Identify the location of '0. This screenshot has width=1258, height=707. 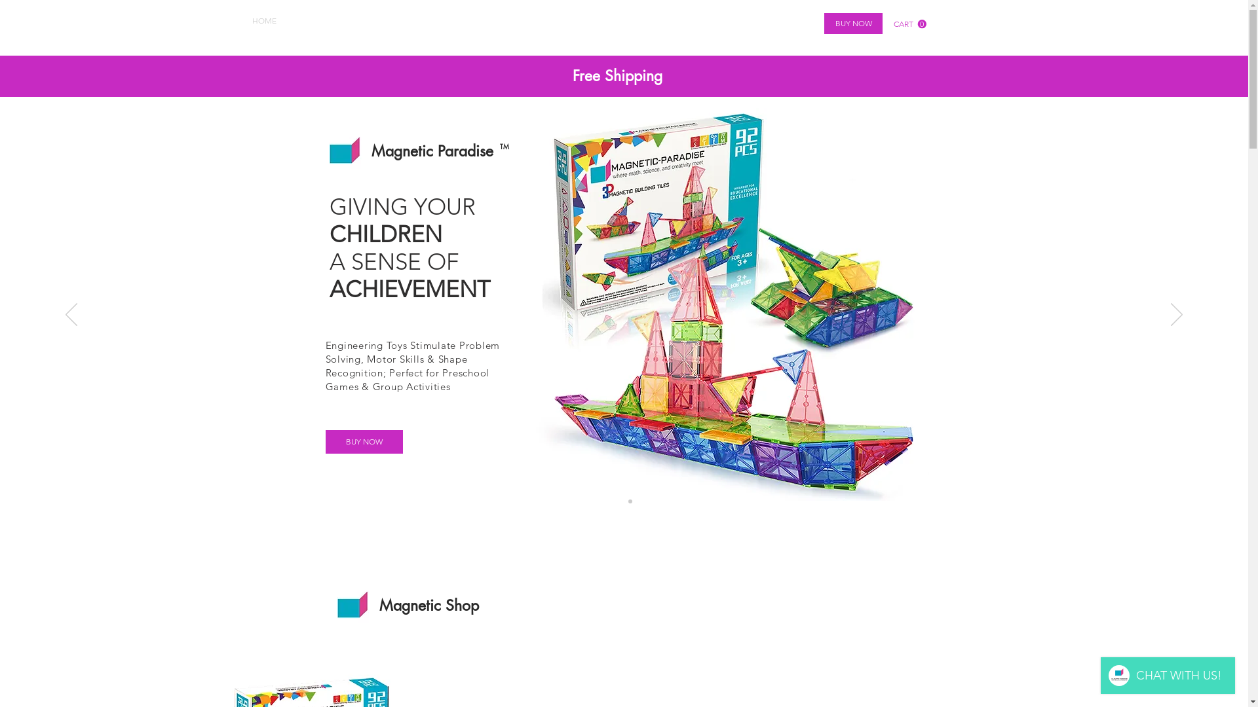
(909, 24).